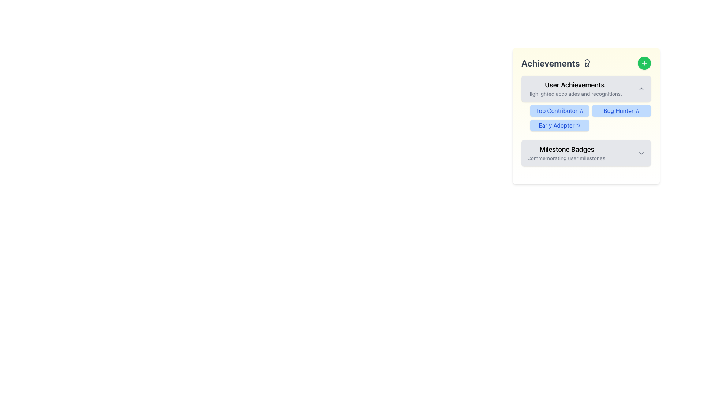  What do you see at coordinates (636, 110) in the screenshot?
I see `the blue outlined star-shaped icon in the 'Bug Hunter' badge located in the 'User Achievements' section of the achievements panel if it is interactive` at bounding box center [636, 110].